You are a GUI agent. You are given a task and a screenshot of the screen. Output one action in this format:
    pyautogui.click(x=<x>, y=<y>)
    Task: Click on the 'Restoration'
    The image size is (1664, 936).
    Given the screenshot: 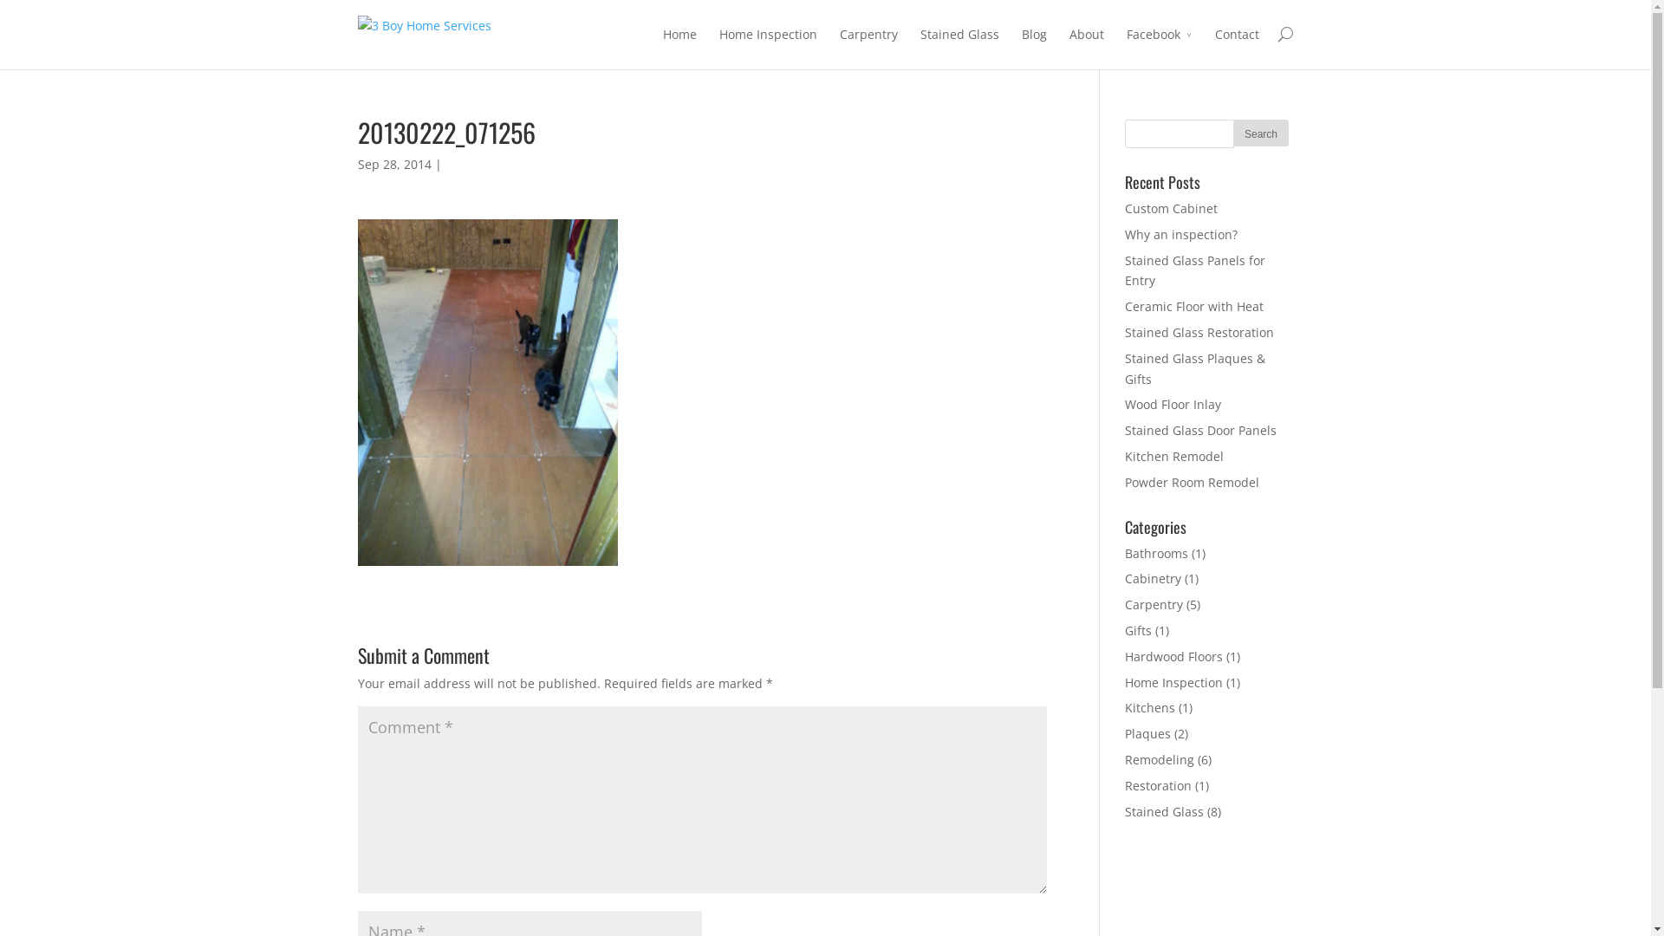 What is the action you would take?
    pyautogui.click(x=1158, y=785)
    